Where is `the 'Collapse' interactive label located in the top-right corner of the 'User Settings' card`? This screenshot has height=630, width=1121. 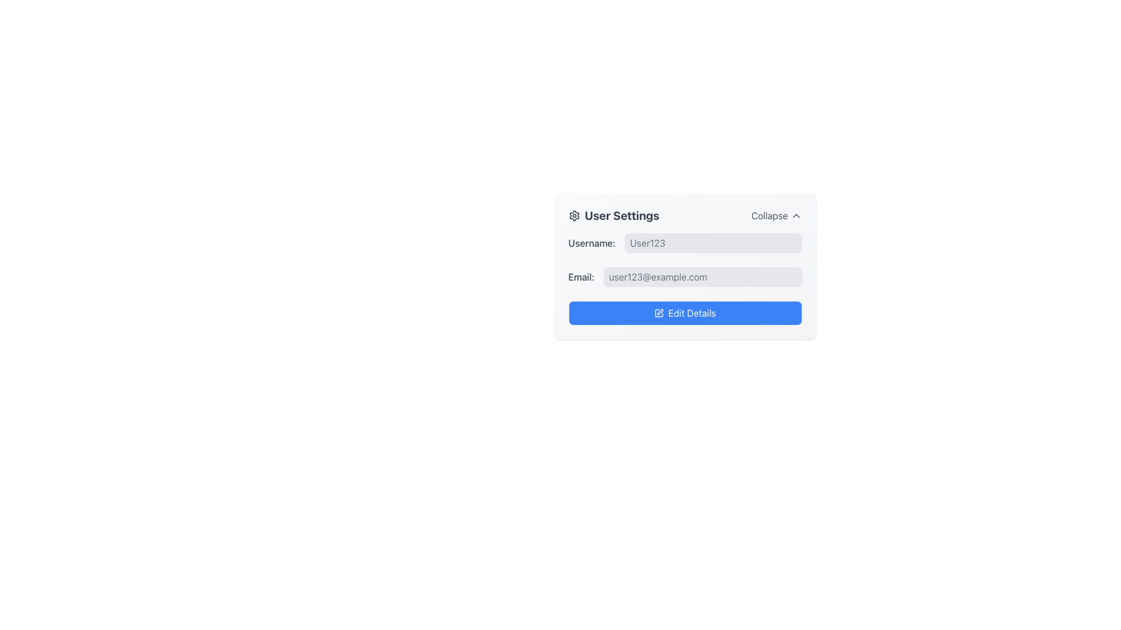
the 'Collapse' interactive label located in the top-right corner of the 'User Settings' card is located at coordinates (776, 216).